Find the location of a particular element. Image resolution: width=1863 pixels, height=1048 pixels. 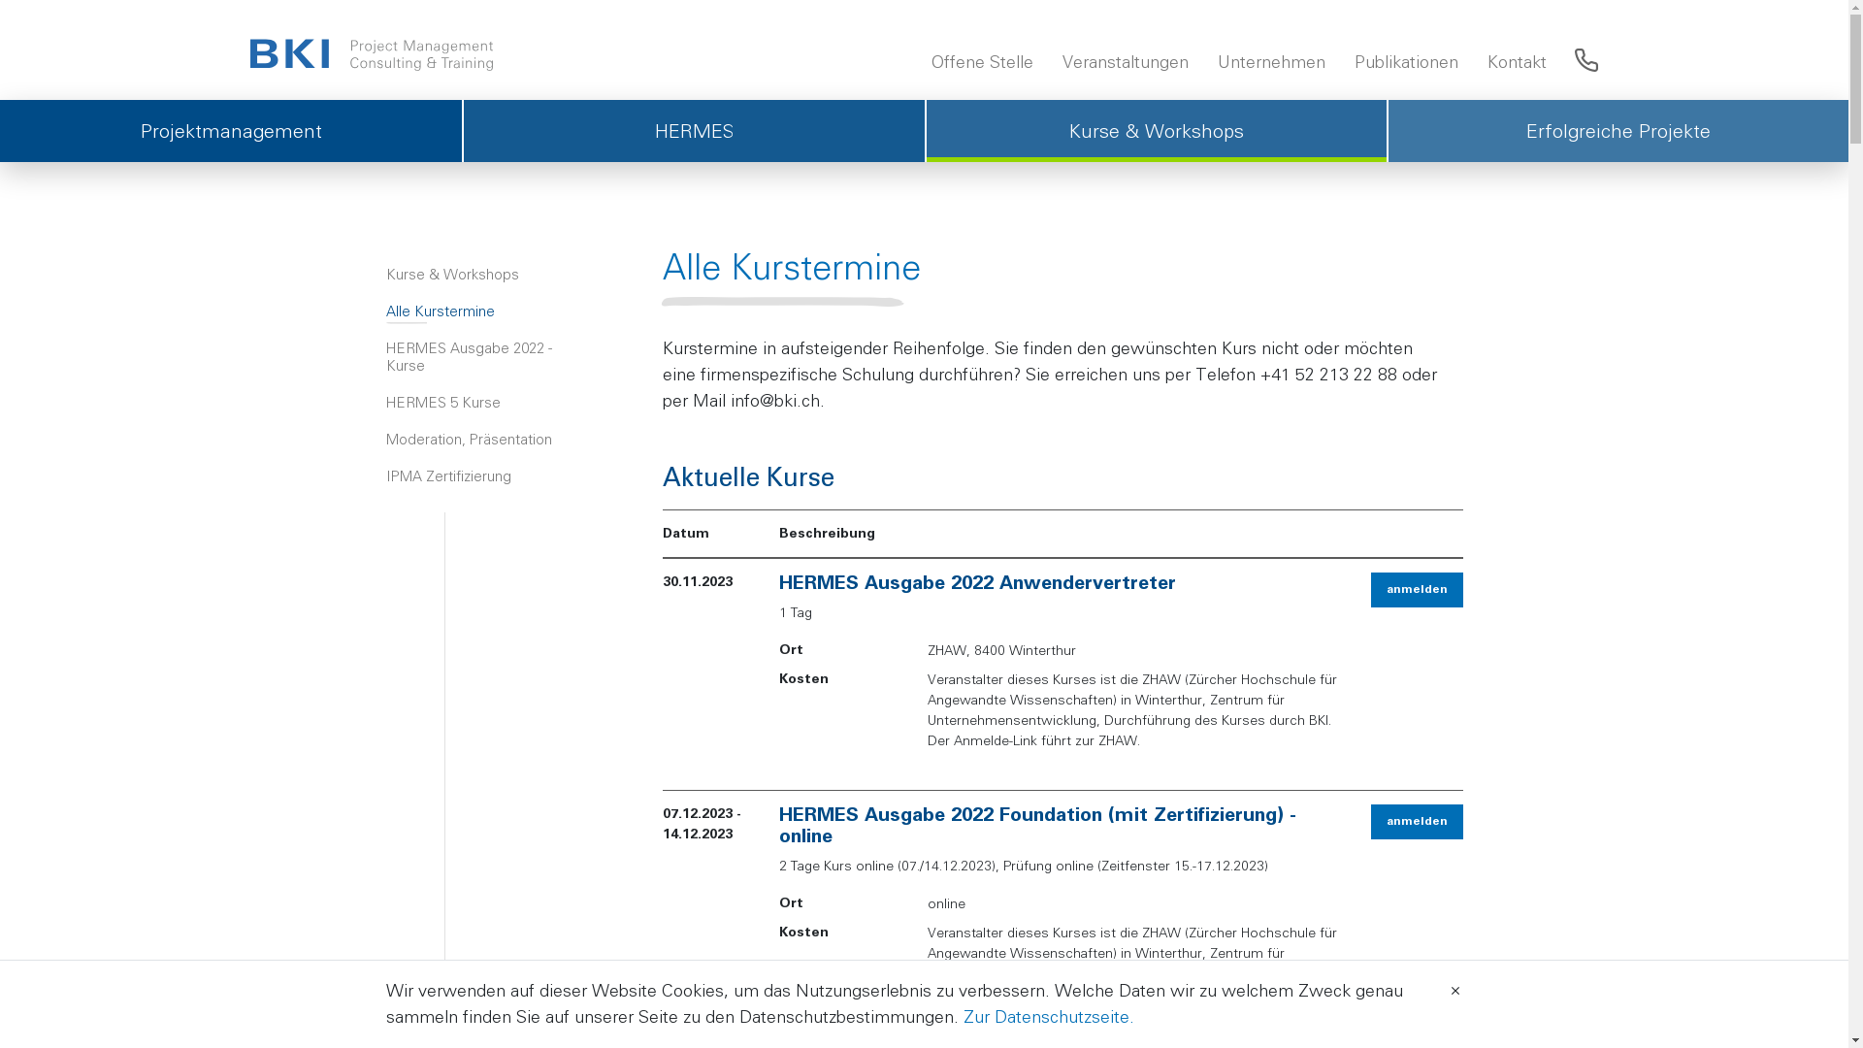

'Erfolgreiche Projekte' is located at coordinates (1617, 131).